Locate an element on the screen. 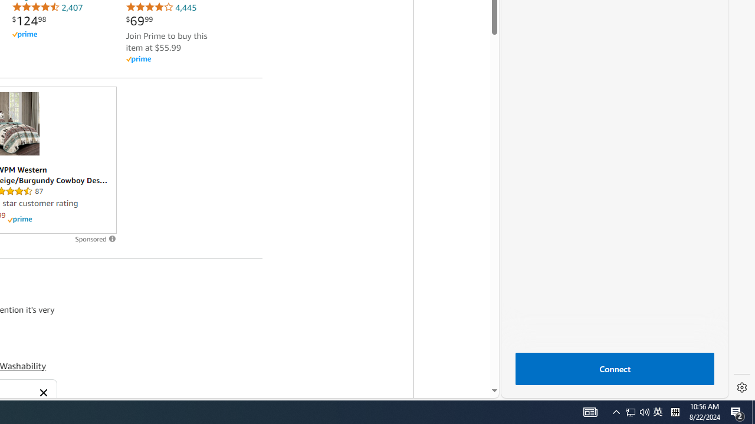 Image resolution: width=755 pixels, height=424 pixels. 'Connect' is located at coordinates (614, 368).